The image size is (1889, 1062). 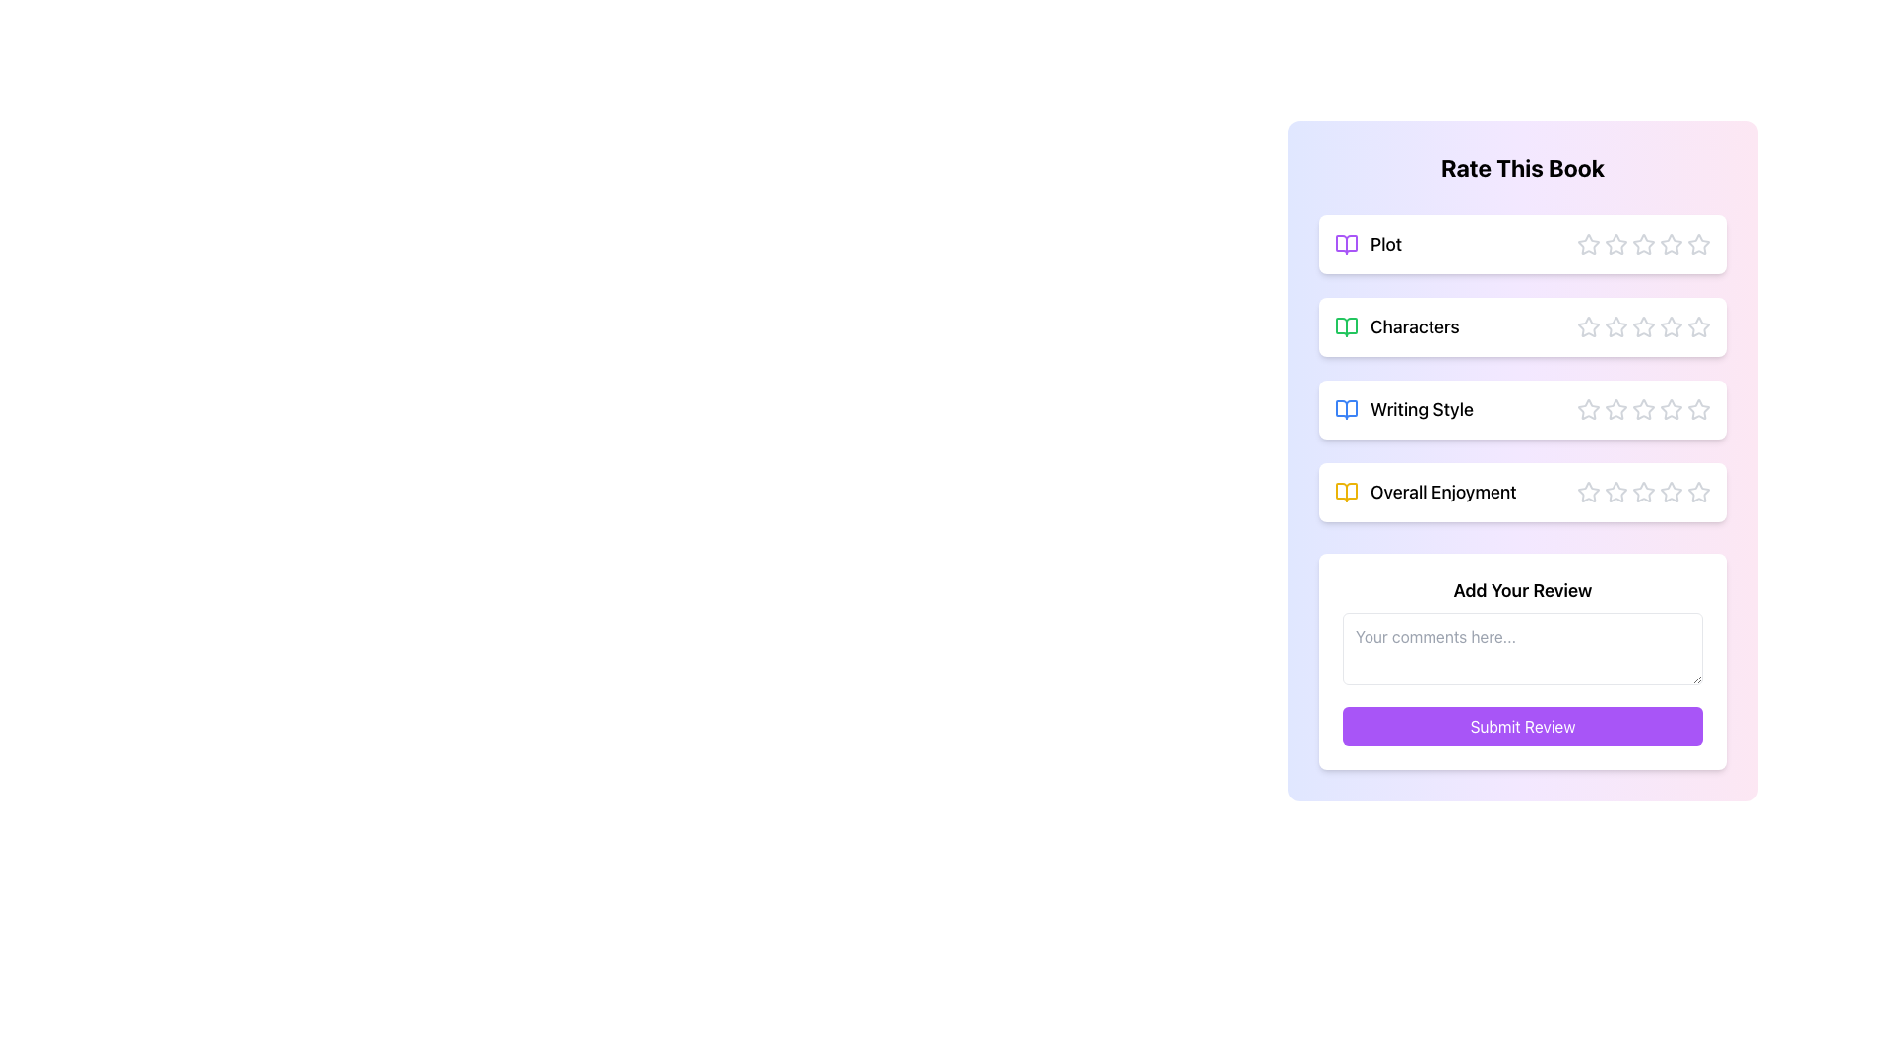 I want to click on the fourth star icon from the left in the rating row titled 'Characters' to rate it, so click(x=1670, y=324).